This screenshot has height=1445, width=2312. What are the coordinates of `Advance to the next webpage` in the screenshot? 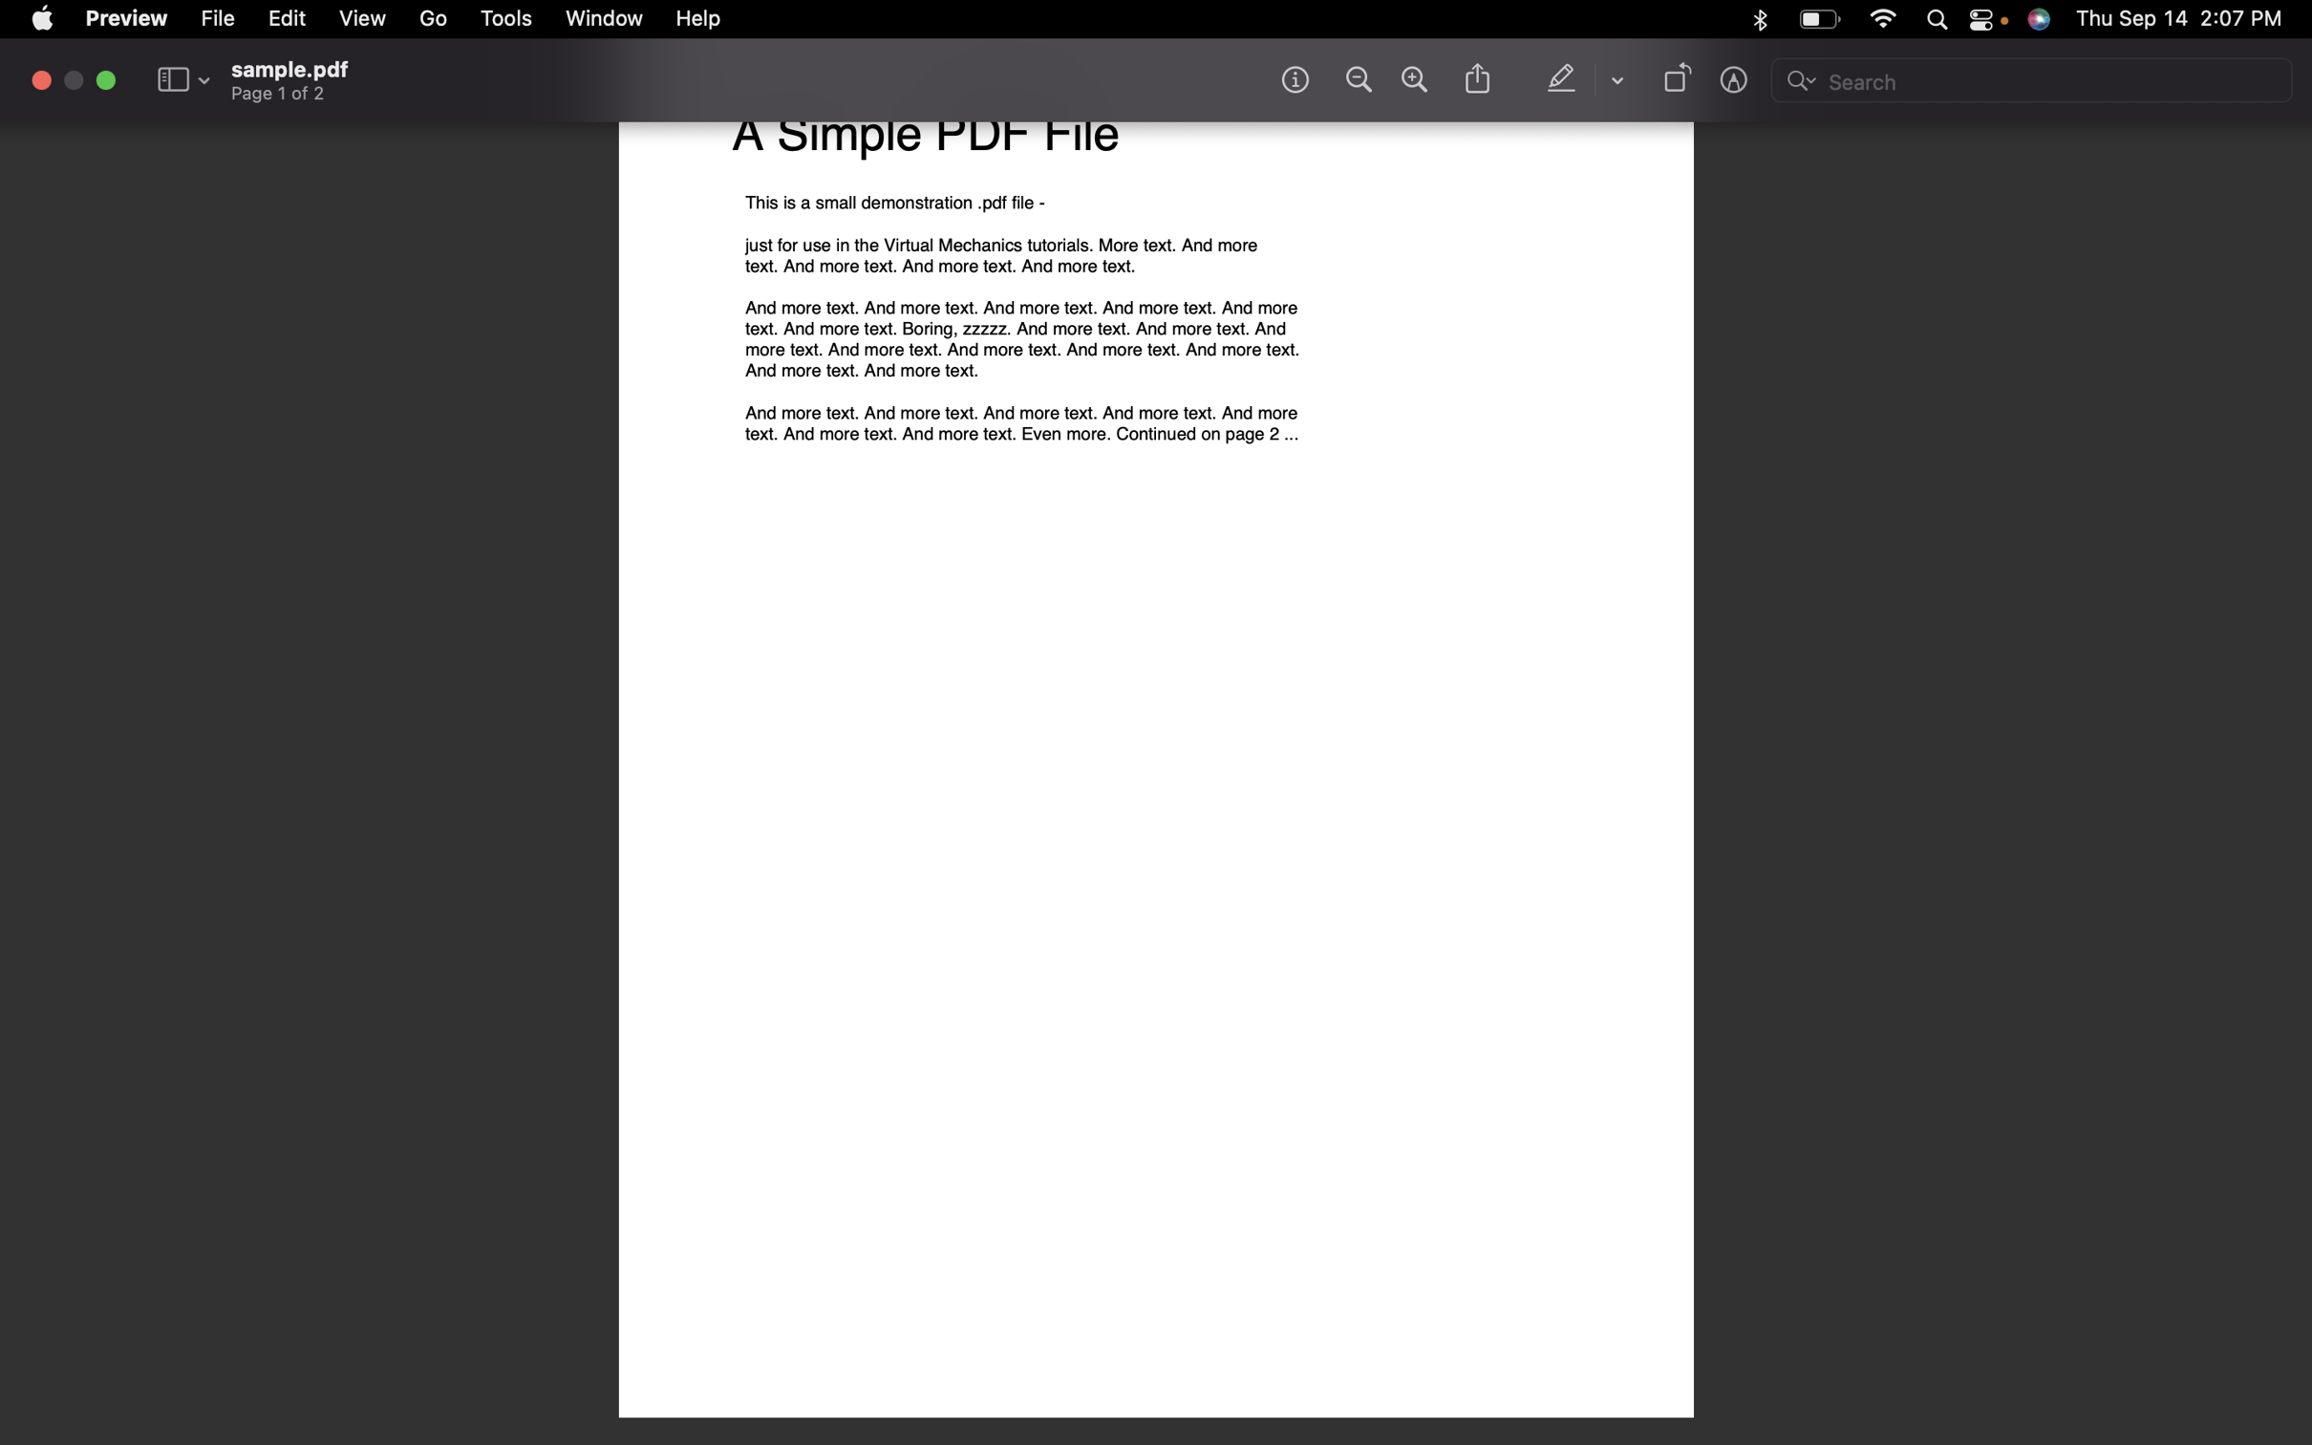 It's located at (434, 22).